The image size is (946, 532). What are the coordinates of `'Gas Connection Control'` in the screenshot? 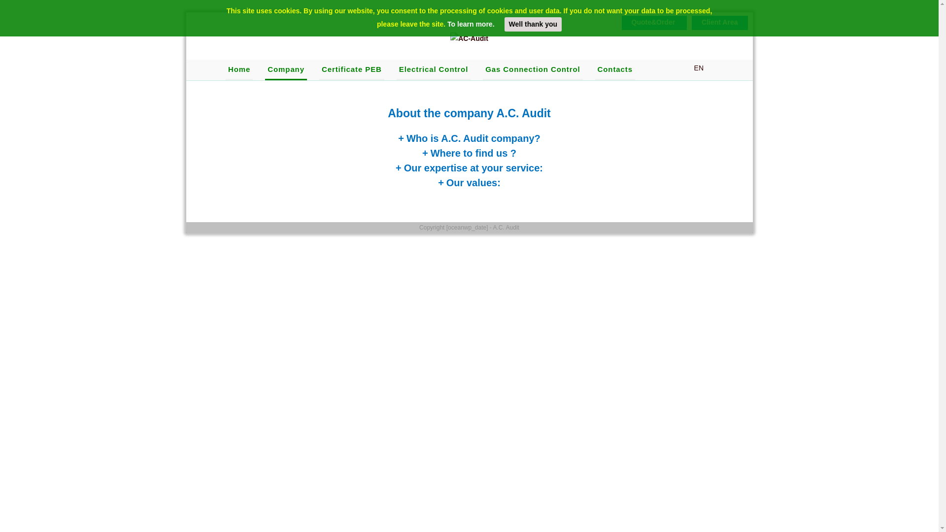 It's located at (532, 69).